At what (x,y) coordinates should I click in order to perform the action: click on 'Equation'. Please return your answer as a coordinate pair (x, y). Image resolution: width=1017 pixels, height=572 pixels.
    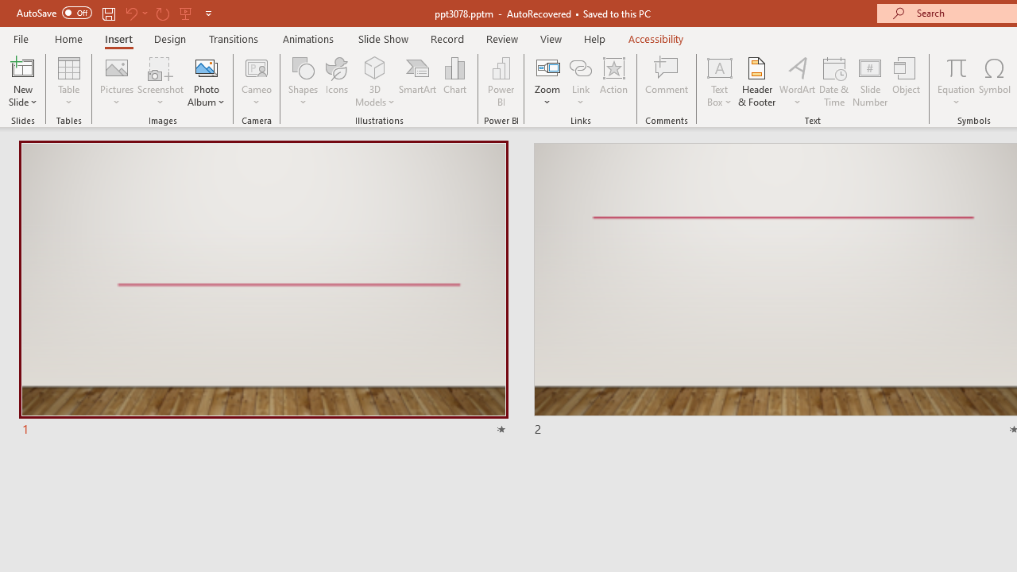
    Looking at the image, I should click on (955, 67).